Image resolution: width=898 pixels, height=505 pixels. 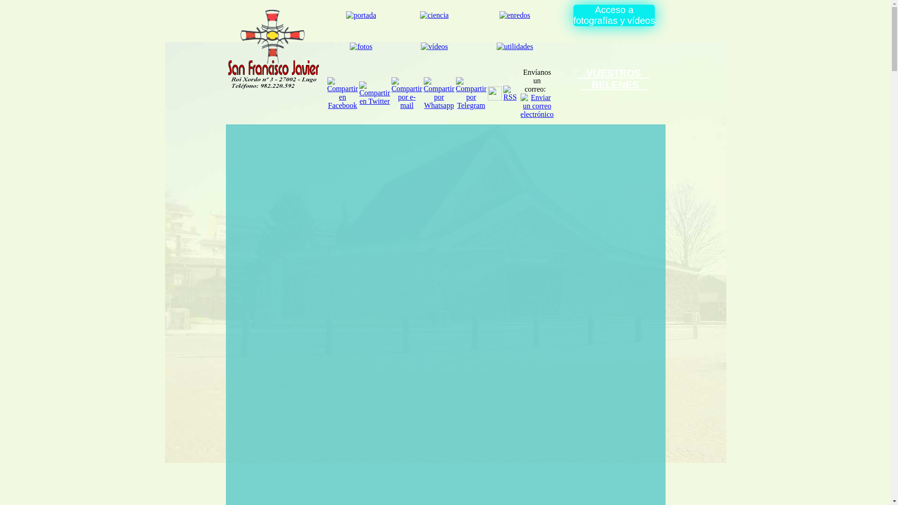 What do you see at coordinates (614, 79) in the screenshot?
I see `'   VUESTROS` at bounding box center [614, 79].